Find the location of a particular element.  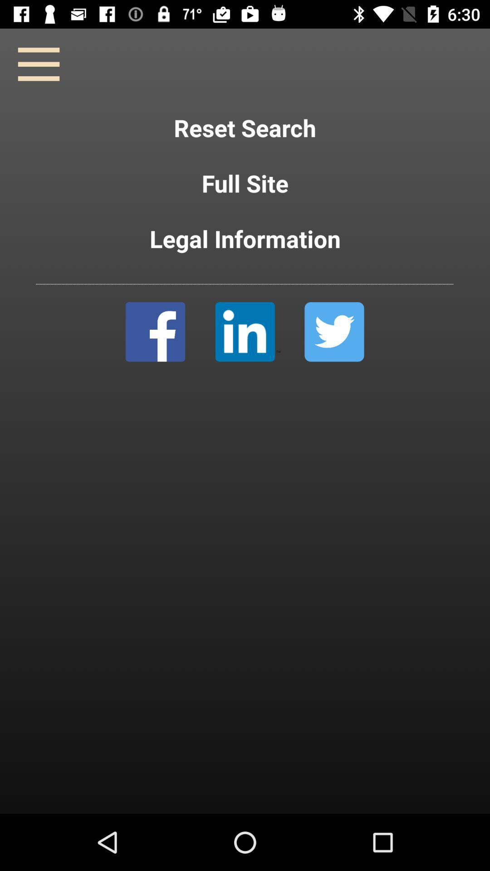

linkedin icon is located at coordinates (248, 331).